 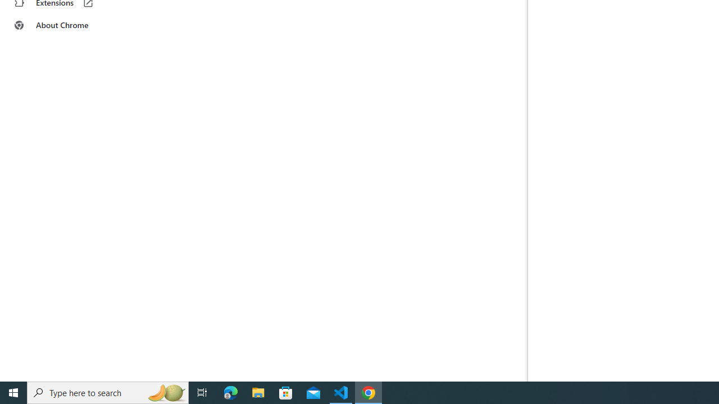 What do you see at coordinates (69, 25) in the screenshot?
I see `'About Chrome'` at bounding box center [69, 25].